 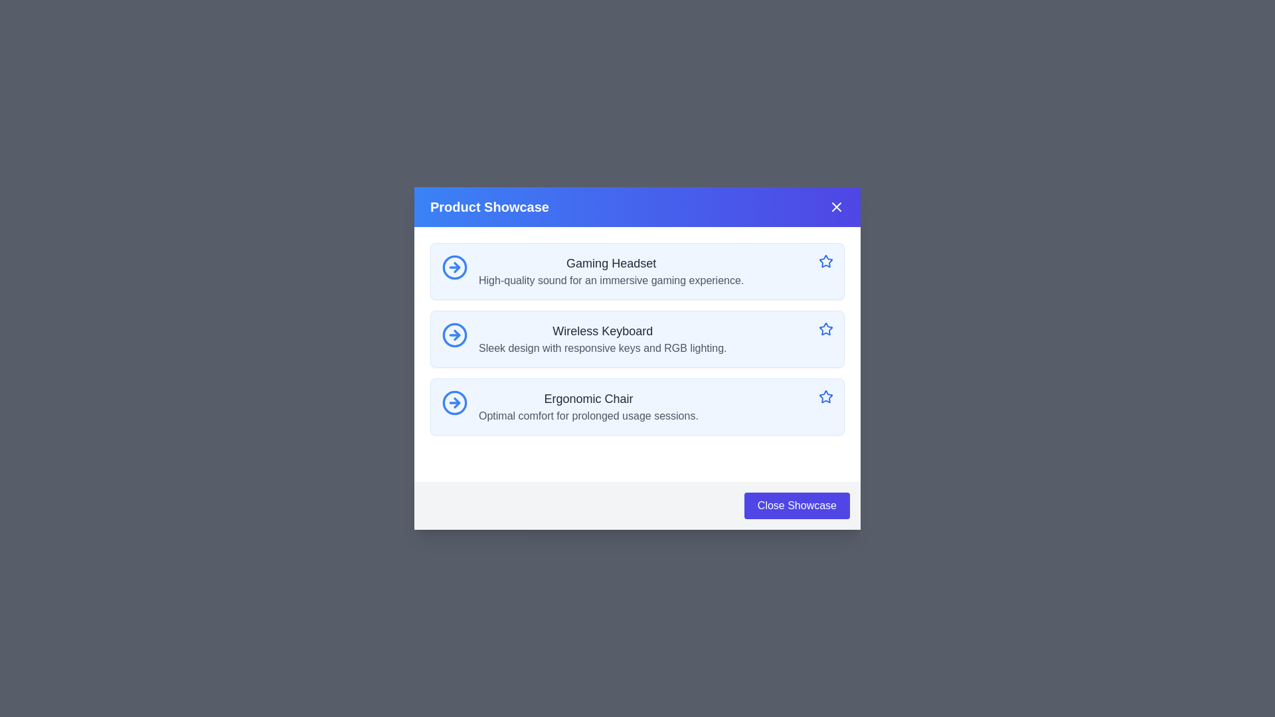 I want to click on text of the 'Ergonomic Chair' label, which is a dark gray, medium weight, large font text element located in the third entry of a vertical list, so click(x=588, y=398).